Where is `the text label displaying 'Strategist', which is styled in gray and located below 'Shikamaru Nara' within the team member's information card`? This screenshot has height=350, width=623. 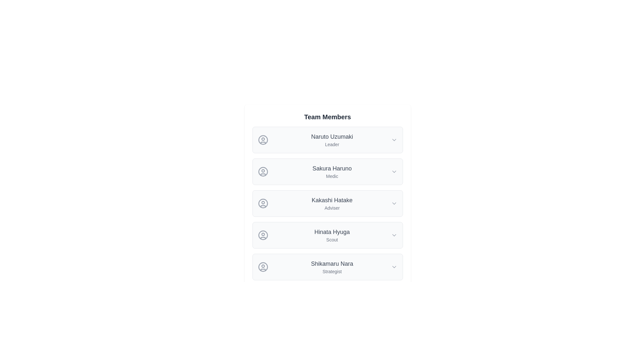
the text label displaying 'Strategist', which is styled in gray and located below 'Shikamaru Nara' within the team member's information card is located at coordinates (332, 271).